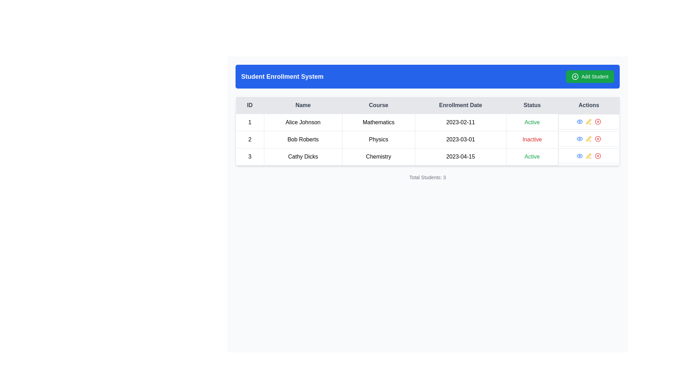  Describe the element at coordinates (427, 139) in the screenshot. I see `text content of the data row displaying the record details of the student named 'Bob Roberts' in the second row of the table` at that location.